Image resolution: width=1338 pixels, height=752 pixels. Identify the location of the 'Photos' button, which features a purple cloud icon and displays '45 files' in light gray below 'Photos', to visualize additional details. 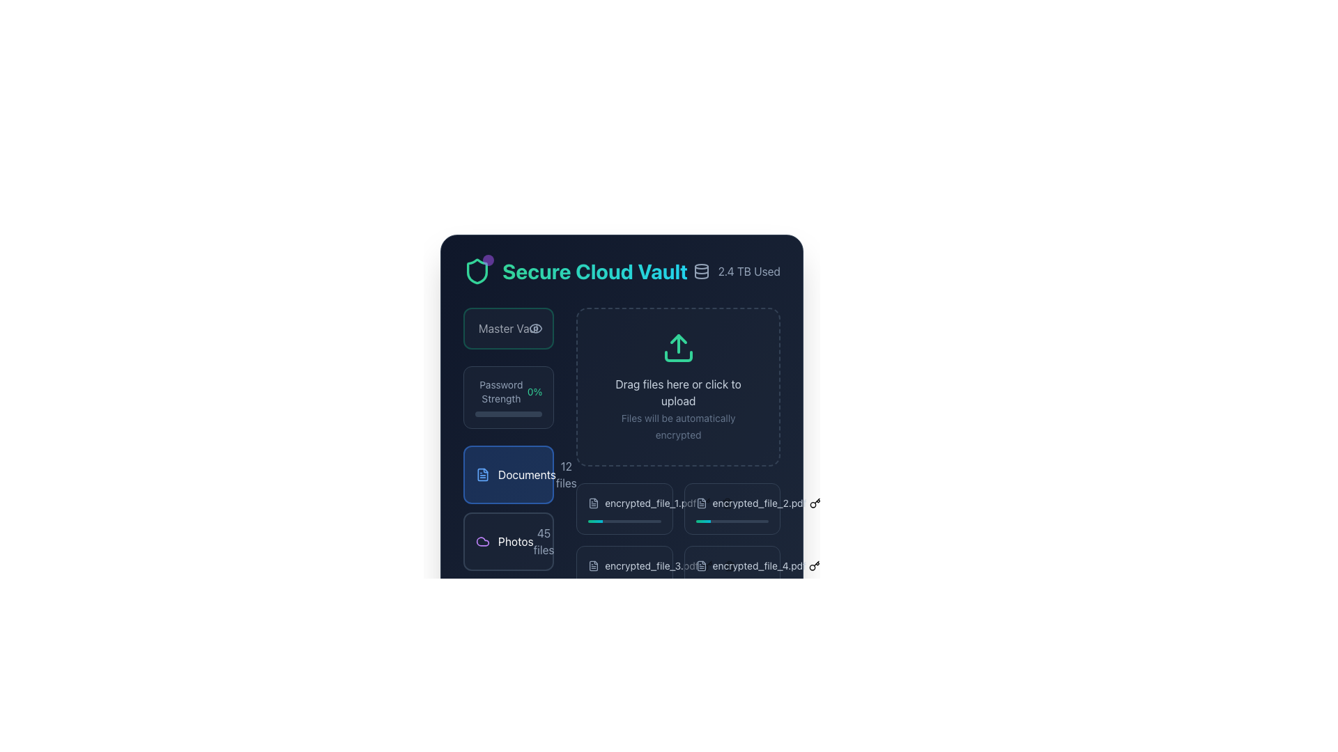
(508, 541).